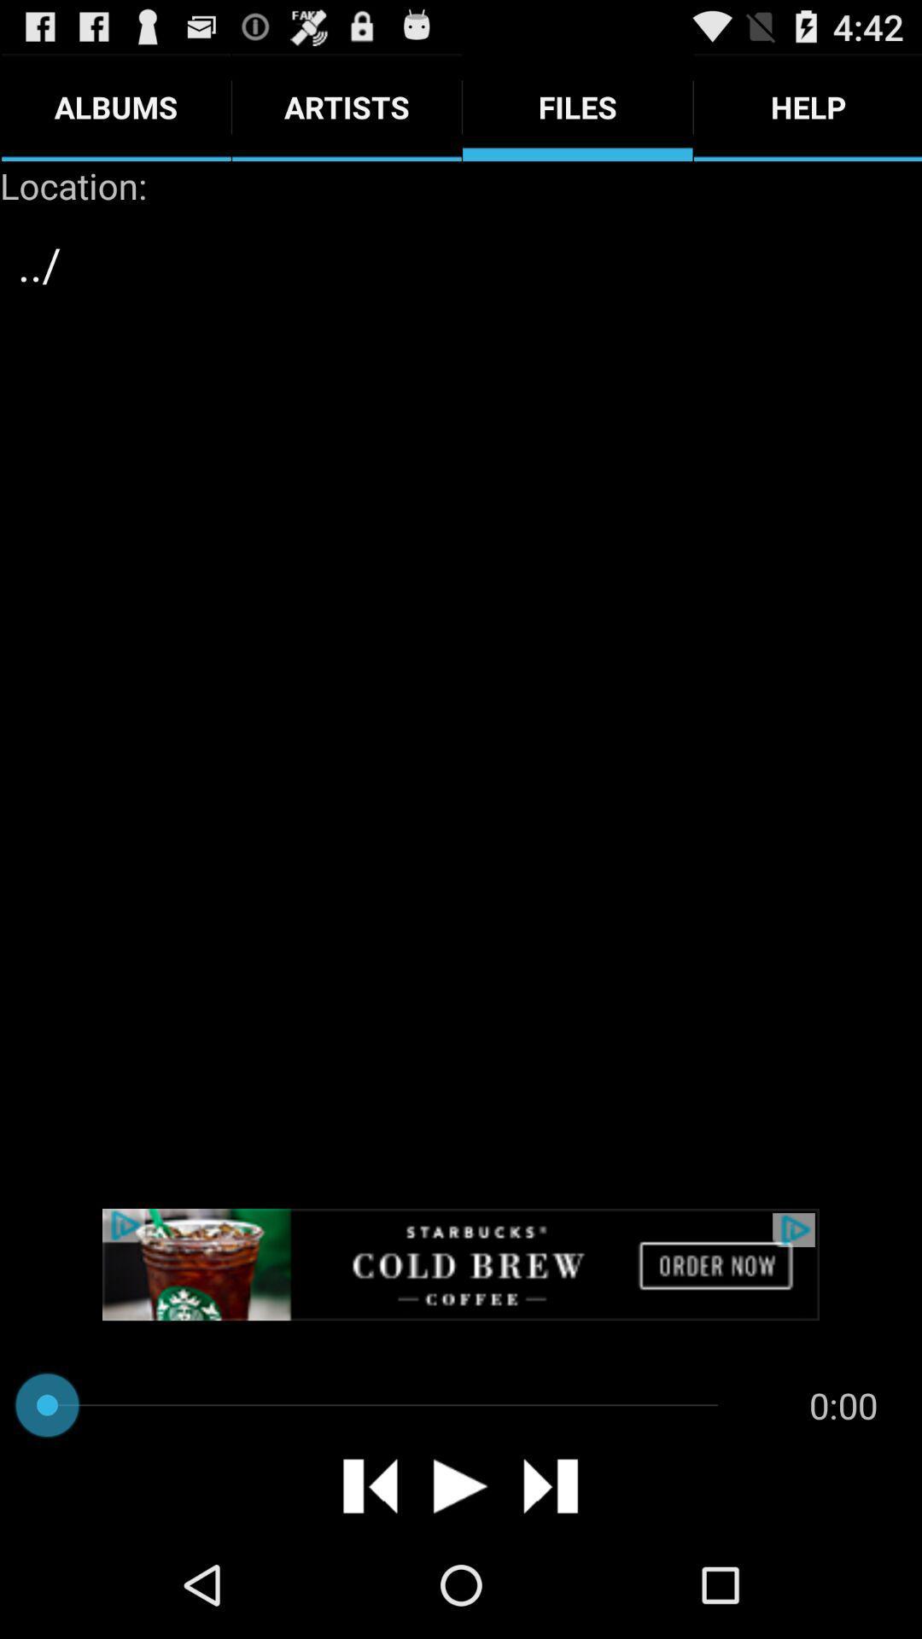 The height and width of the screenshot is (1639, 922). Describe the element at coordinates (551, 1589) in the screenshot. I see `the skip_next icon` at that location.